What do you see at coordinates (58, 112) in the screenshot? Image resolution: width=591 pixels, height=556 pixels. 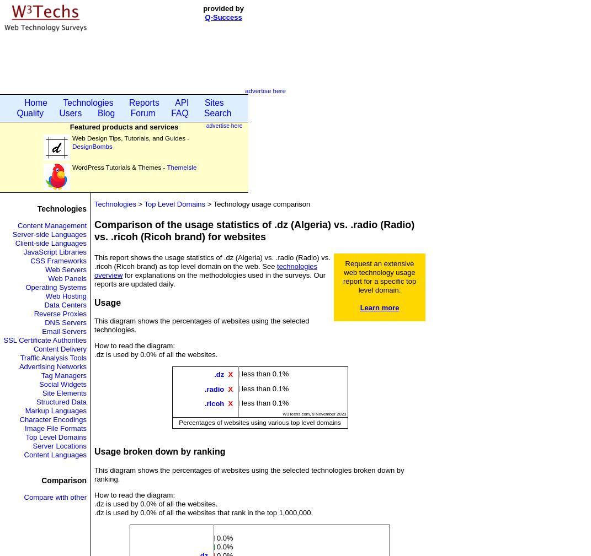 I see `'Users'` at bounding box center [58, 112].